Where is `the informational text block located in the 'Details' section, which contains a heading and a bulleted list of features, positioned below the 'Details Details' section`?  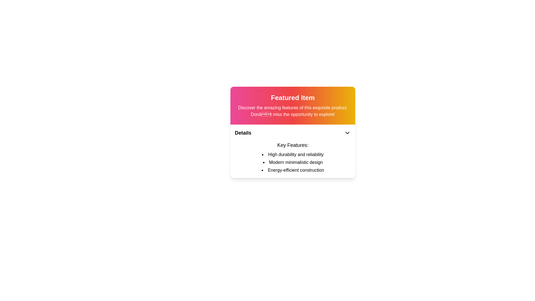
the informational text block located in the 'Details' section, which contains a heading and a bulleted list of features, positioned below the 'Details Details' section is located at coordinates (293, 157).